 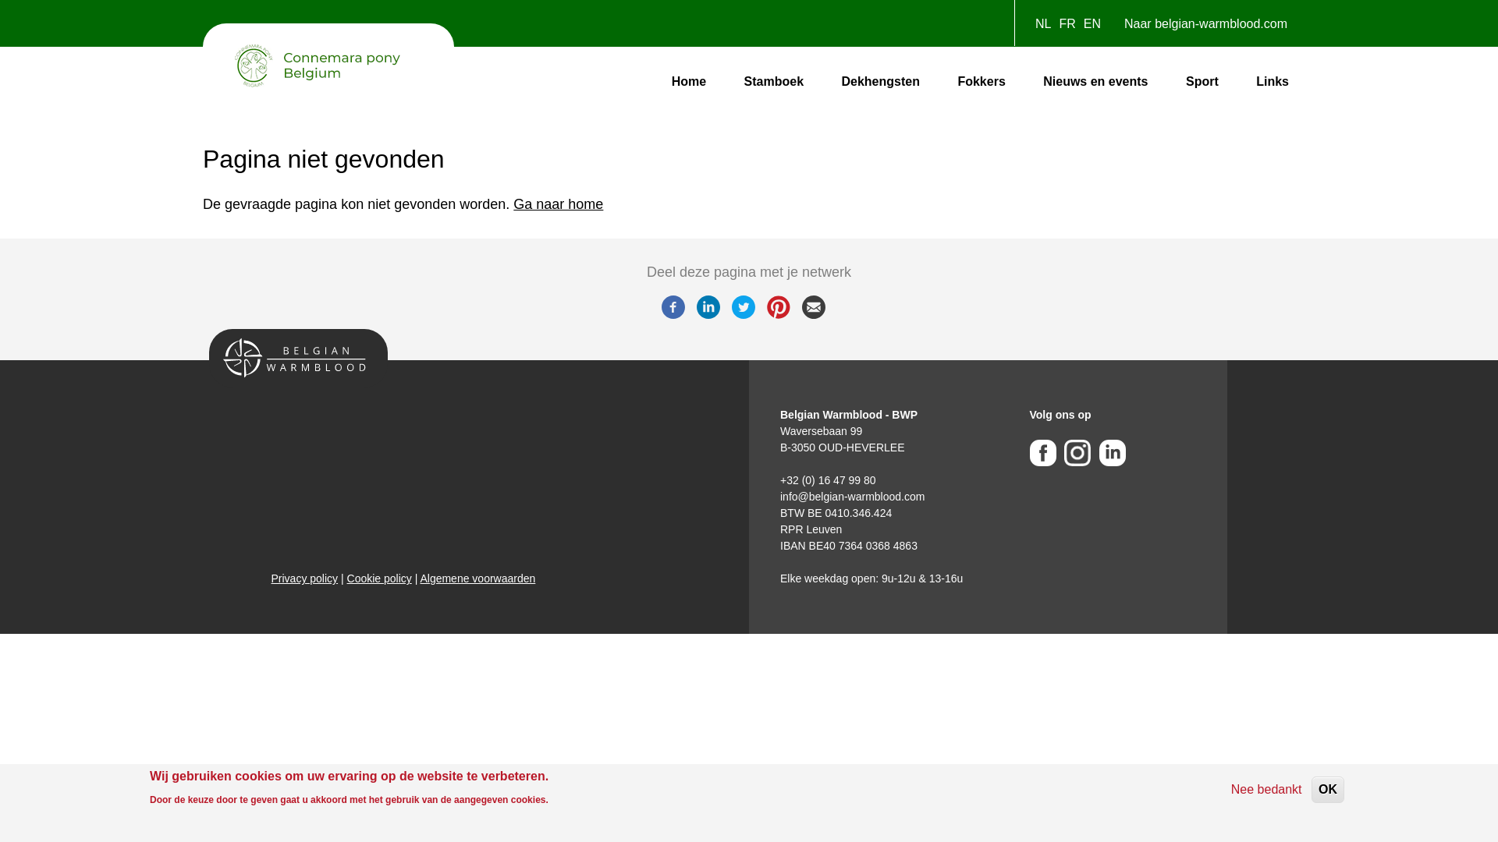 I want to click on 'Fokkers', so click(x=980, y=81).